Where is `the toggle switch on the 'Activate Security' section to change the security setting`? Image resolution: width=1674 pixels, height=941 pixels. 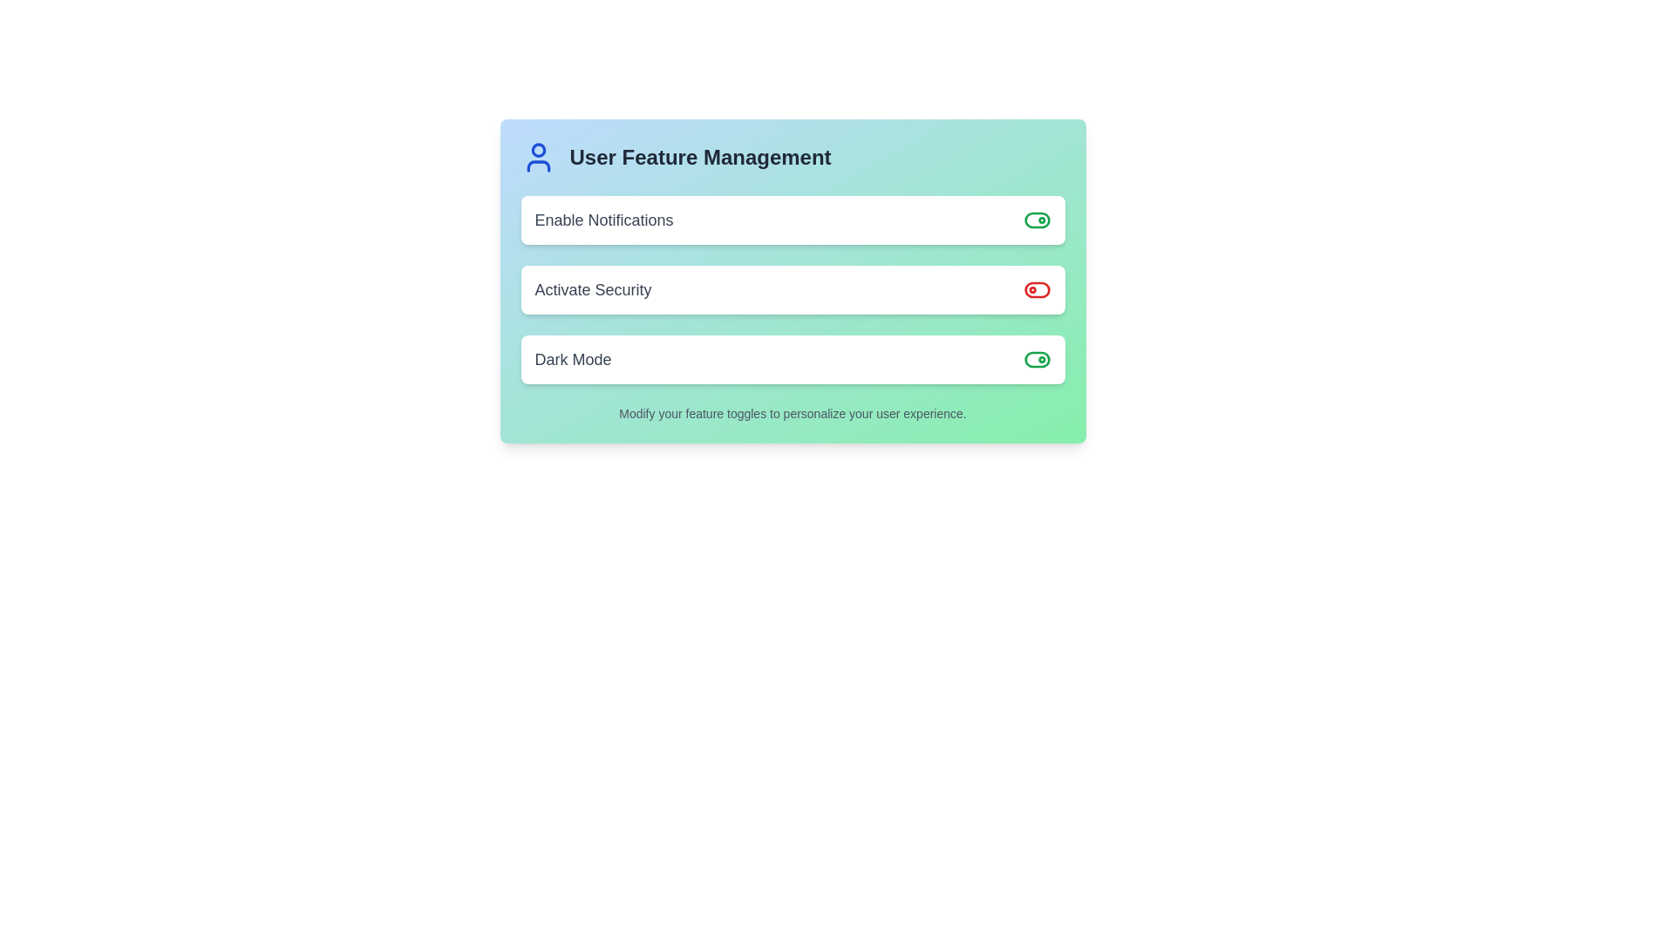 the toggle switch on the 'Activate Security' section to change the security setting is located at coordinates (792, 281).